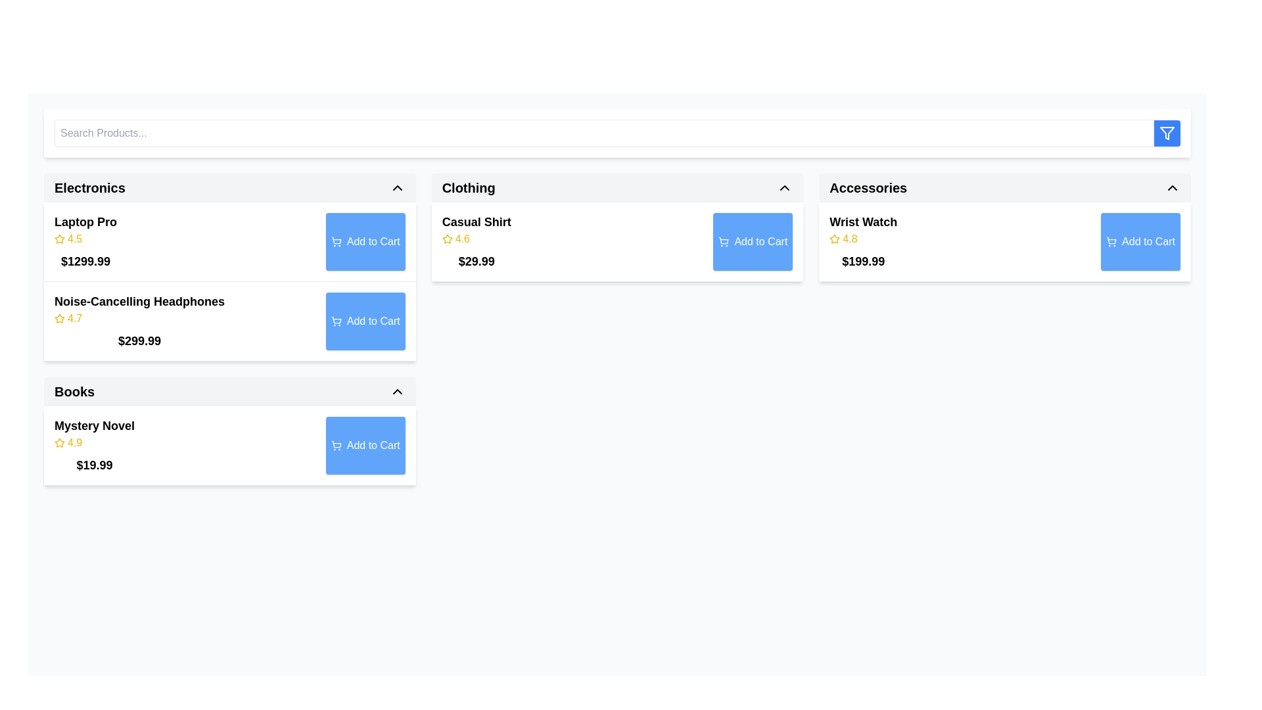 This screenshot has width=1262, height=710. Describe the element at coordinates (373, 445) in the screenshot. I see `text from the 'Add to Cart' label located within the interactive button for the 'Mystery Novel' item in the 'Books' category` at that location.